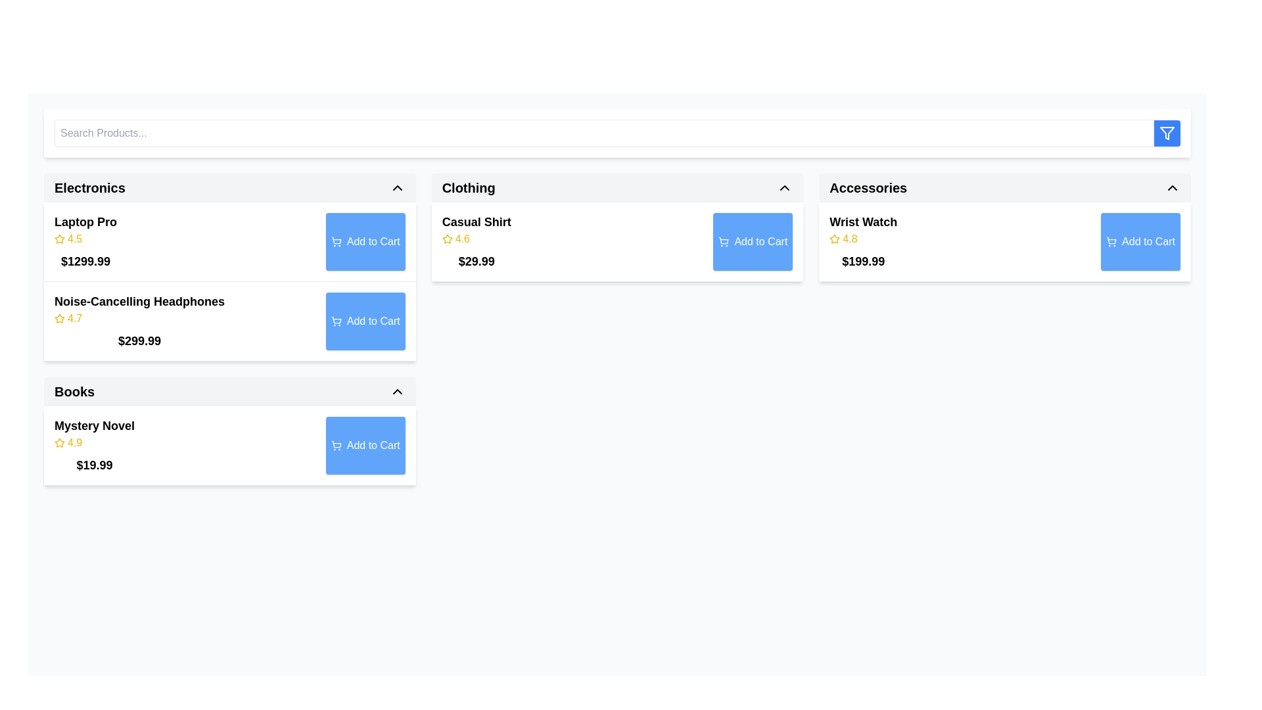 This screenshot has width=1262, height=710. Describe the element at coordinates (373, 445) in the screenshot. I see `text from the 'Add to Cart' label located within the interactive button for the 'Mystery Novel' item in the 'Books' category` at that location.